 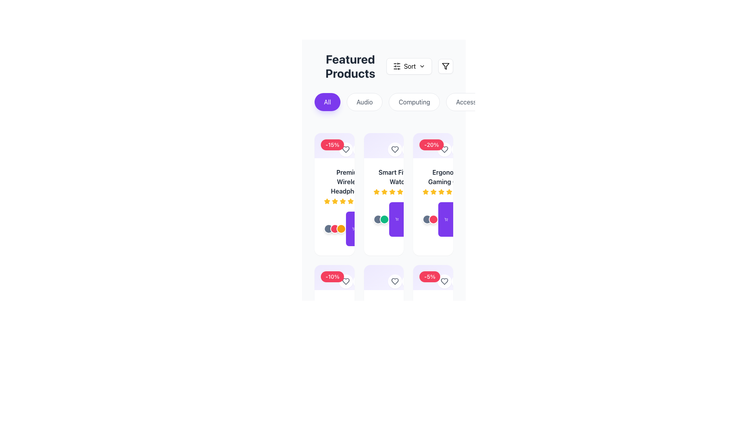 What do you see at coordinates (384, 219) in the screenshot?
I see `the second circular green button with a white border in the product card of the 'Smart Fitness Watch'` at bounding box center [384, 219].